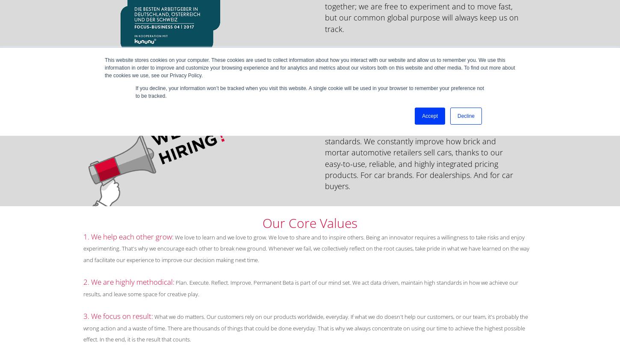 This screenshot has width=620, height=359. What do you see at coordinates (429, 115) in the screenshot?
I see `'Accept'` at bounding box center [429, 115].